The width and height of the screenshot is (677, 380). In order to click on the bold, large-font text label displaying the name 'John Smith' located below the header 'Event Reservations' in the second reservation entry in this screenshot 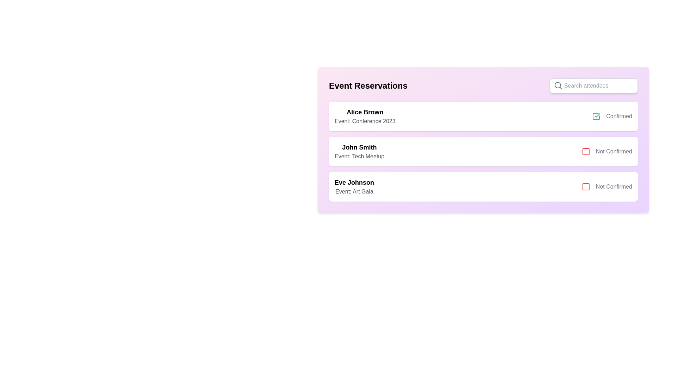, I will do `click(359, 147)`.